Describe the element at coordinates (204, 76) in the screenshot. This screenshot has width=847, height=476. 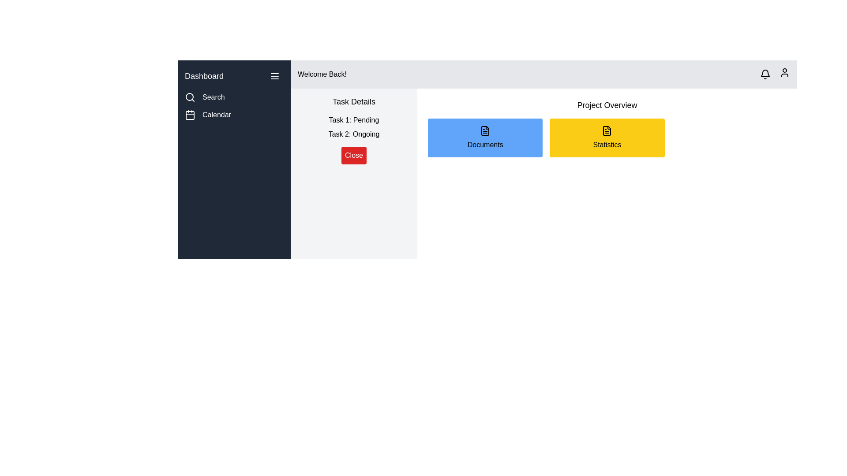
I see `text label displaying 'Dashboard' in bold white font located at the top-left corner of the vertical sidebar` at that location.